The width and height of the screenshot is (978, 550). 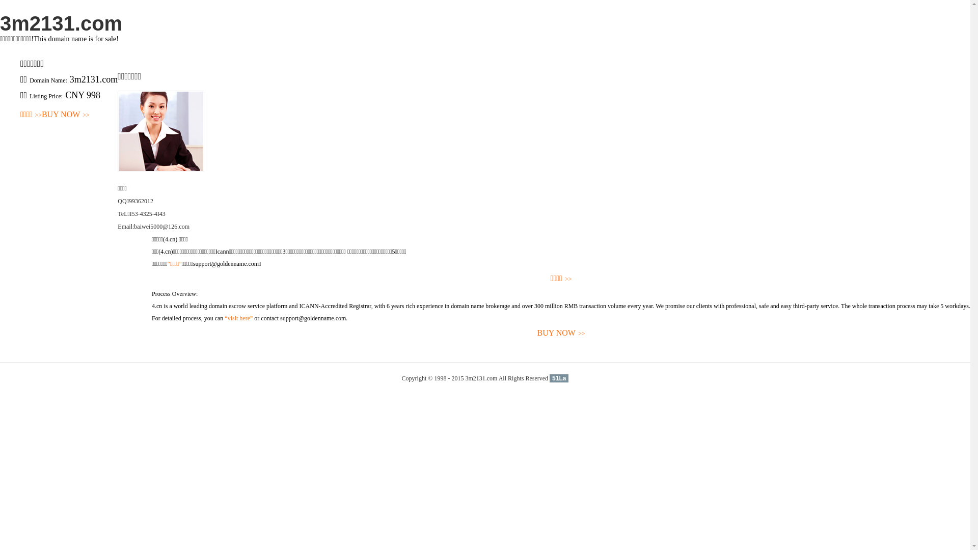 What do you see at coordinates (549, 378) in the screenshot?
I see `'51La'` at bounding box center [549, 378].